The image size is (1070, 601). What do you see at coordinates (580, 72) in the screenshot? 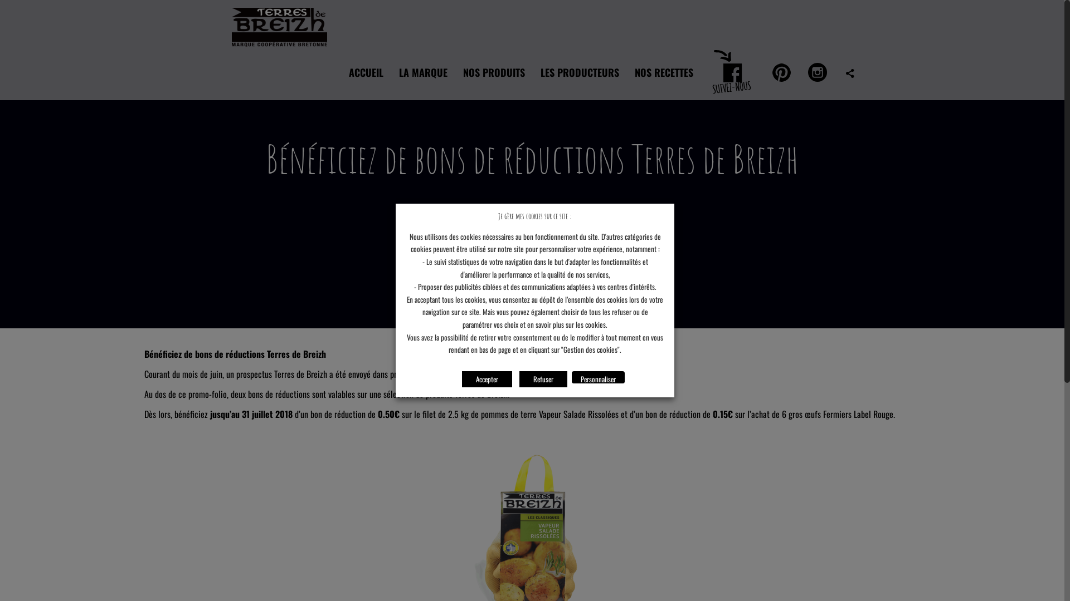
I see `'LES PRODUCTEURS'` at bounding box center [580, 72].